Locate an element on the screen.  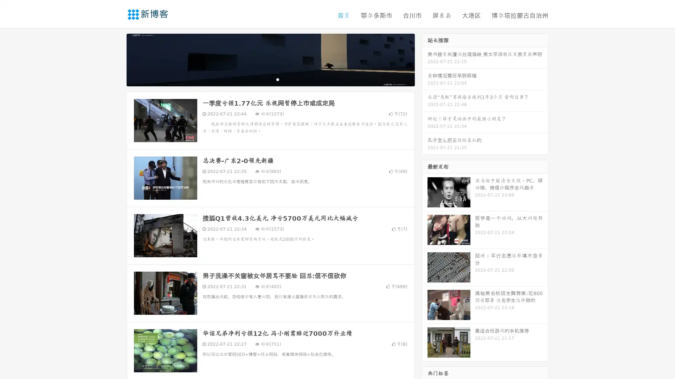
Go to slide 3 is located at coordinates (277, 79).